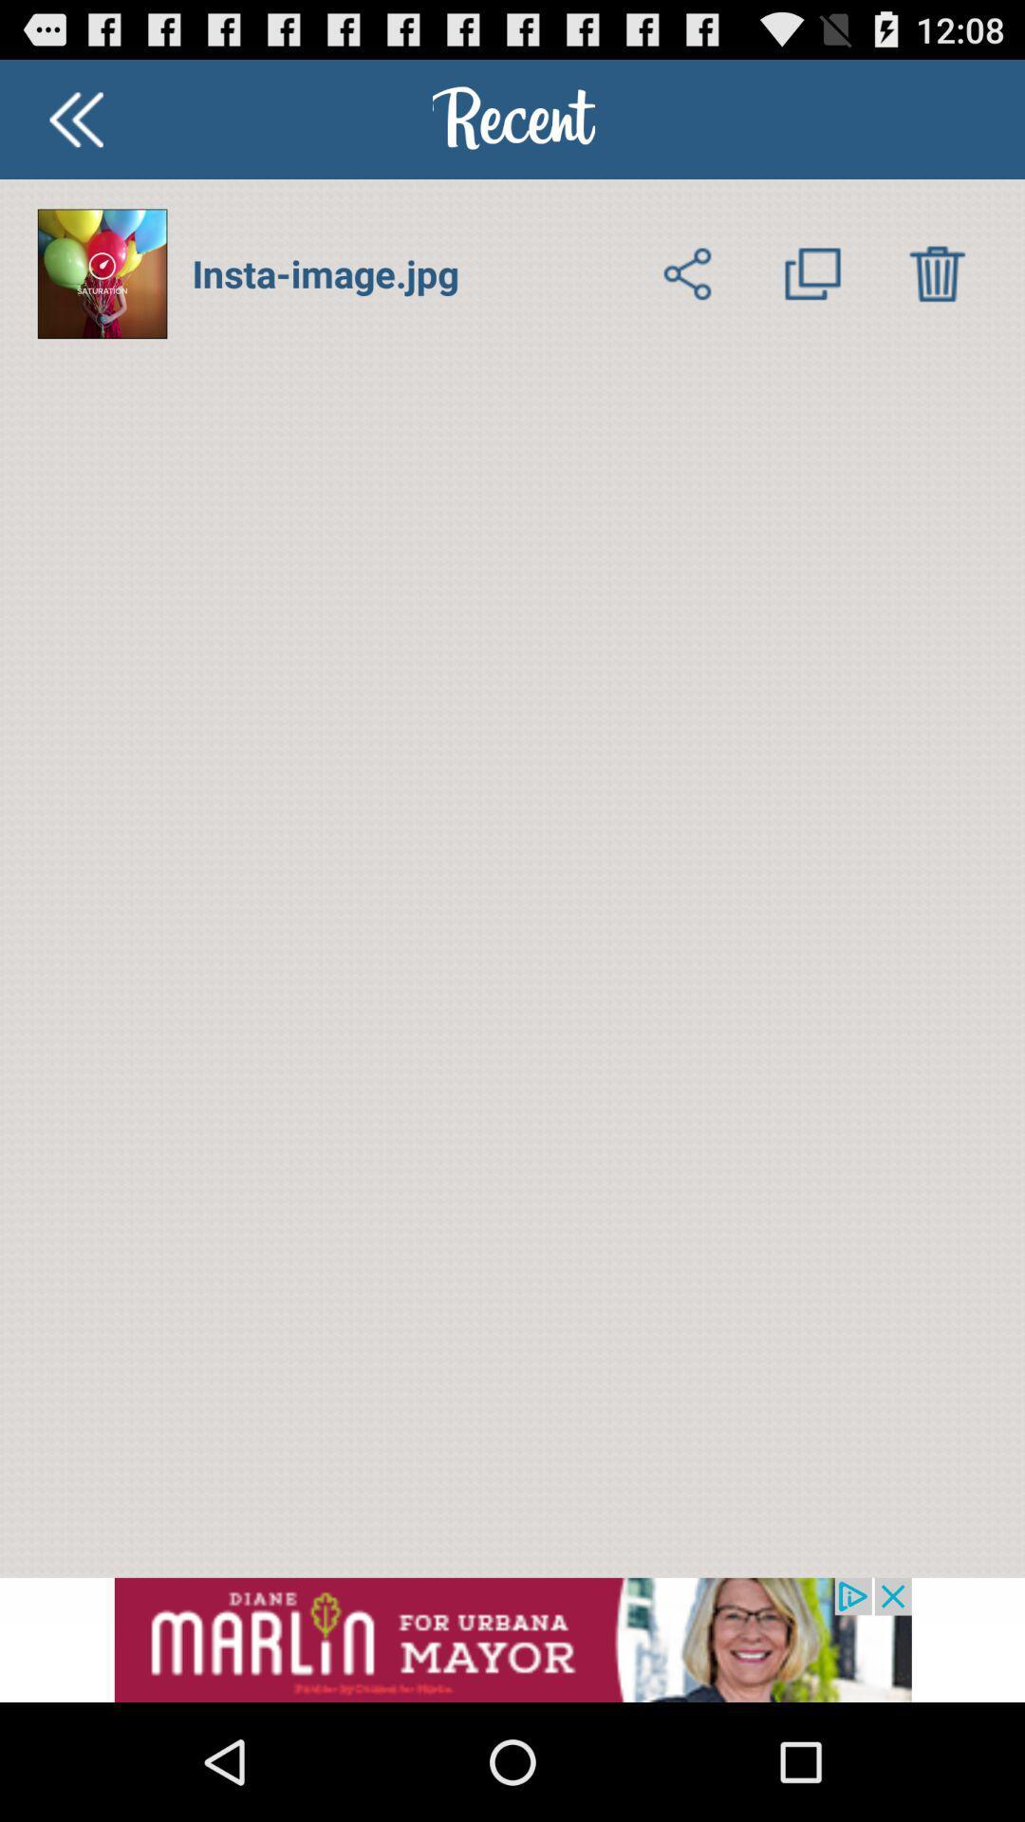 This screenshot has height=1822, width=1025. I want to click on share, so click(688, 272).